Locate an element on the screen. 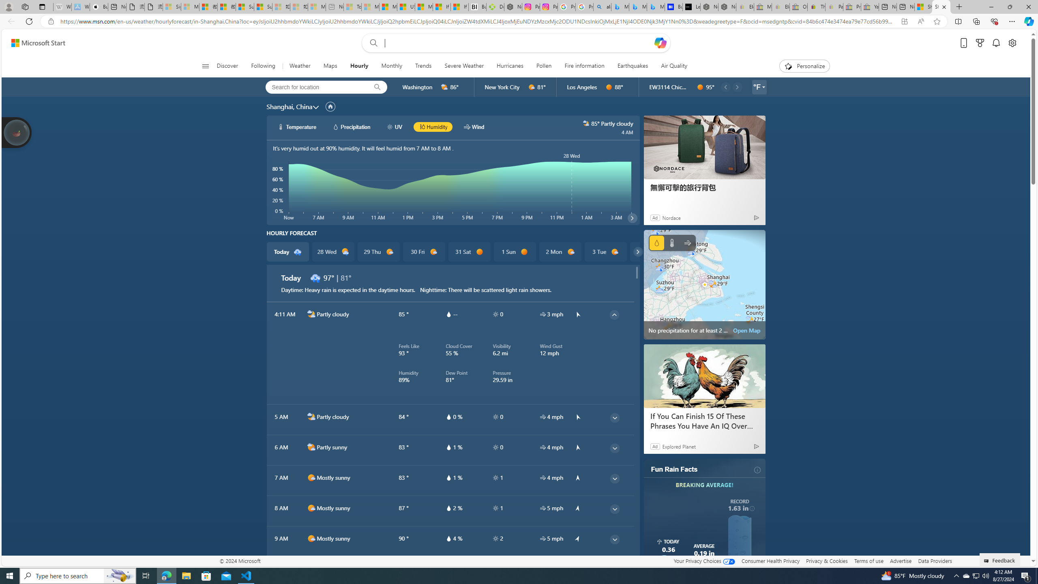 The height and width of the screenshot is (584, 1038). 'Your Privacy Choices' is located at coordinates (704, 560).